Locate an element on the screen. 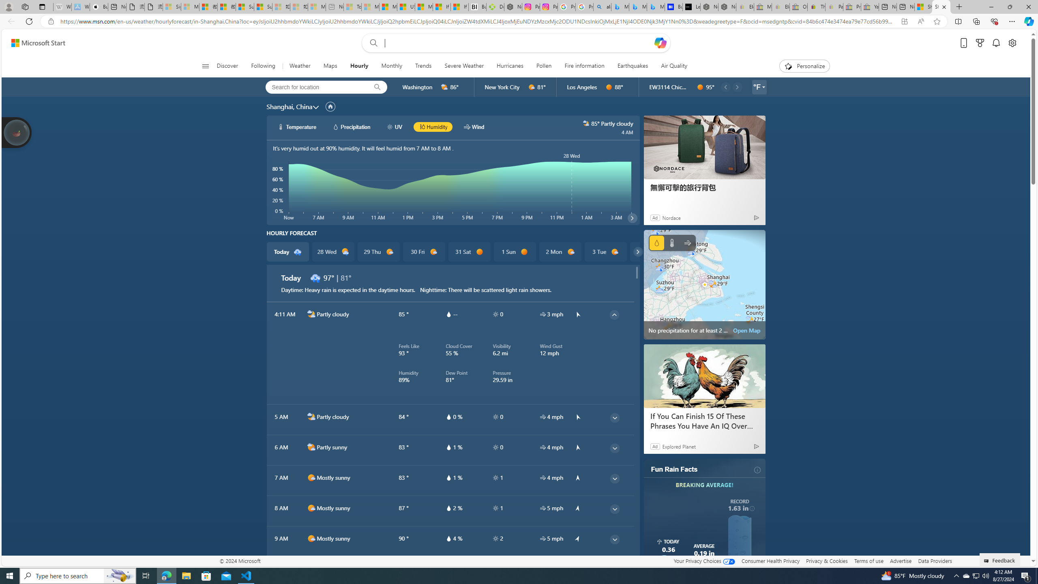 The height and width of the screenshot is (584, 1038). 'Your Privacy Choices' is located at coordinates (704, 560).